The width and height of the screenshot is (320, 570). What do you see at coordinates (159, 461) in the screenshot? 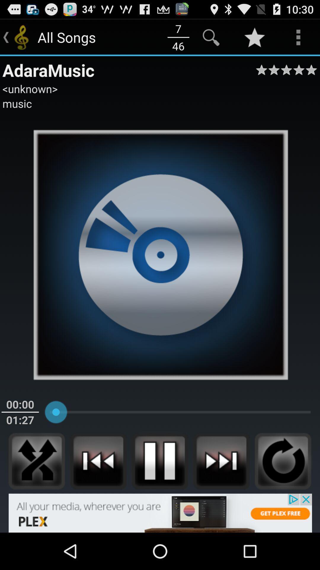
I see `pause option` at bounding box center [159, 461].